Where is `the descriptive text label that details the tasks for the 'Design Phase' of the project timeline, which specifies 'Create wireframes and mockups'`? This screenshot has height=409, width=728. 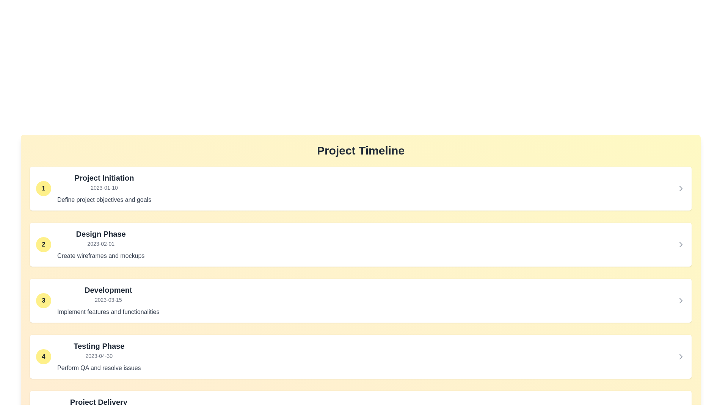 the descriptive text label that details the tasks for the 'Design Phase' of the project timeline, which specifies 'Create wireframes and mockups' is located at coordinates (100, 256).